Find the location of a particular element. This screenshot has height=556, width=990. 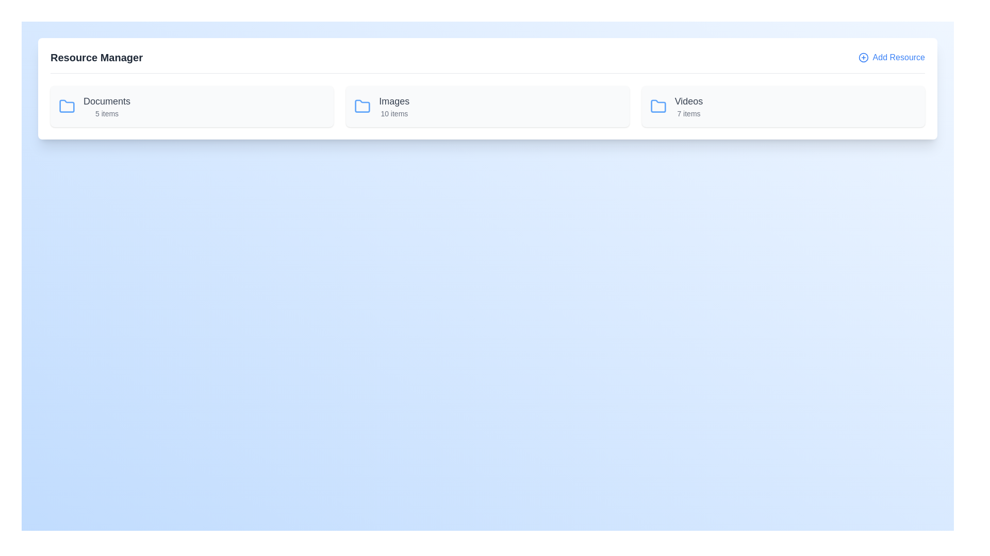

the static text label that provides descriptive information about the 'Videos' folder, located directly beneath the 'Videos' text is located at coordinates (688, 113).